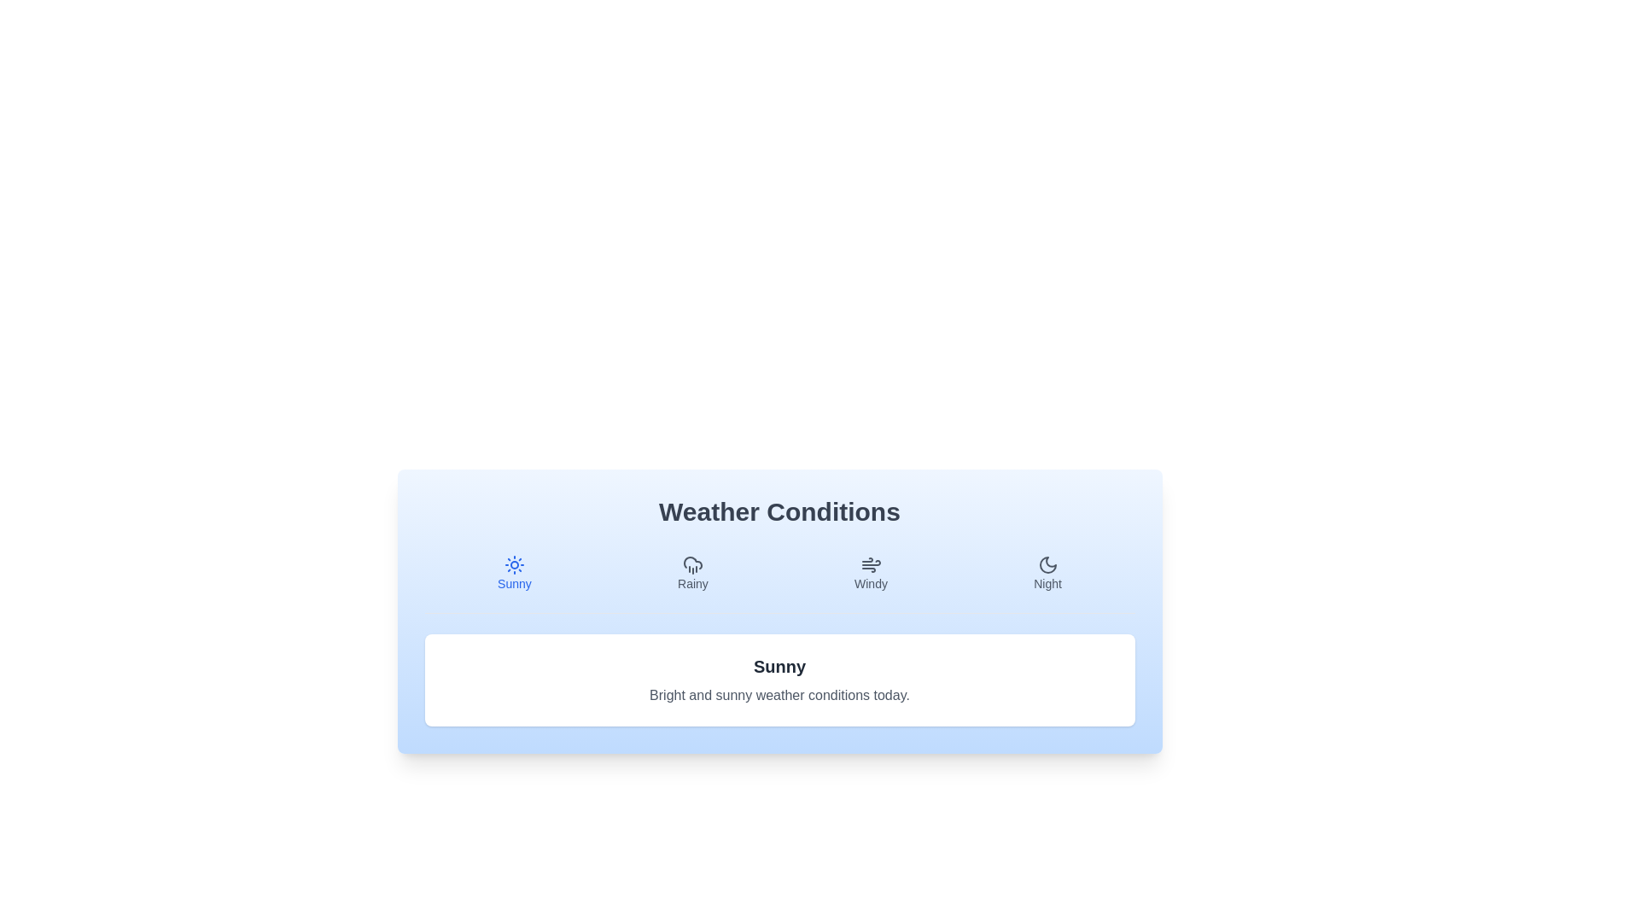 This screenshot has height=922, width=1639. Describe the element at coordinates (1047, 573) in the screenshot. I see `the tab corresponding to Night to view its details` at that location.